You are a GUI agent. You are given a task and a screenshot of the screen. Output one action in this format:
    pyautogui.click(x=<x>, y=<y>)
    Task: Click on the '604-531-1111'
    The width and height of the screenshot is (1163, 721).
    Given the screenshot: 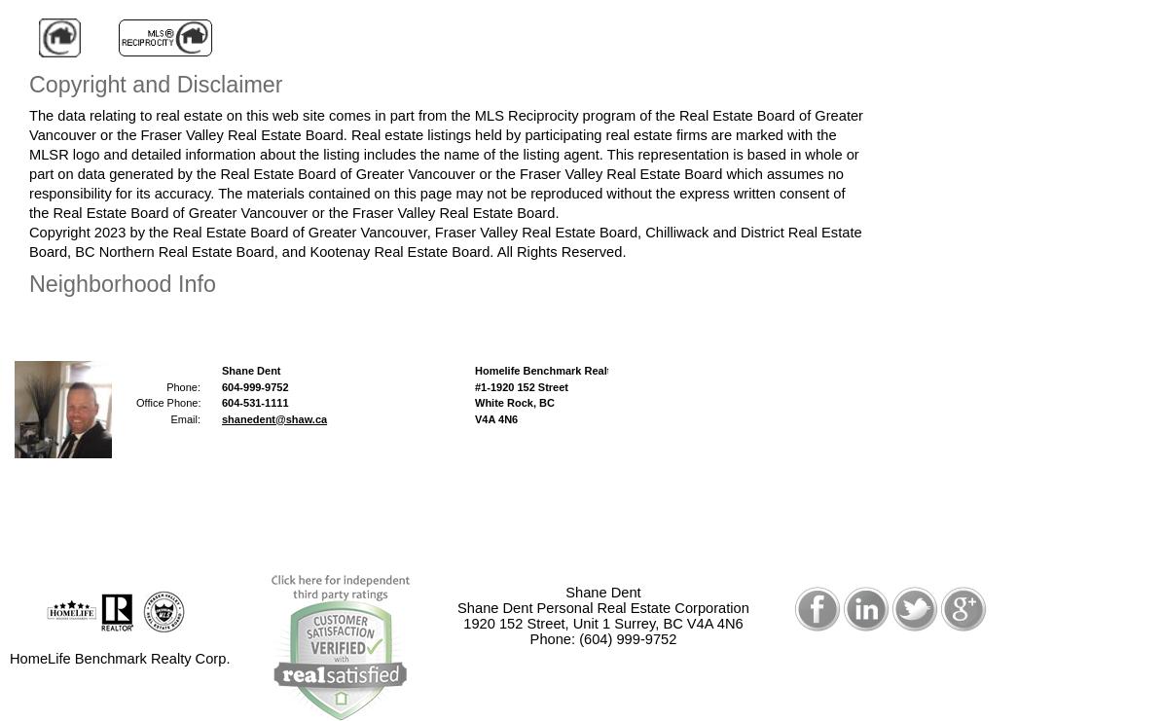 What is the action you would take?
    pyautogui.click(x=221, y=401)
    